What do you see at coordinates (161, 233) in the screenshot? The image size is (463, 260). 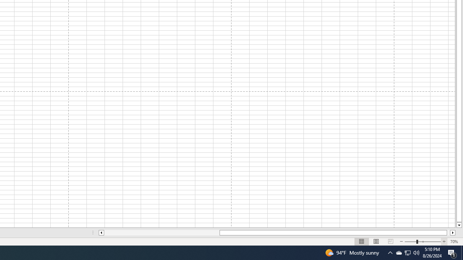 I see `'Page left'` at bounding box center [161, 233].